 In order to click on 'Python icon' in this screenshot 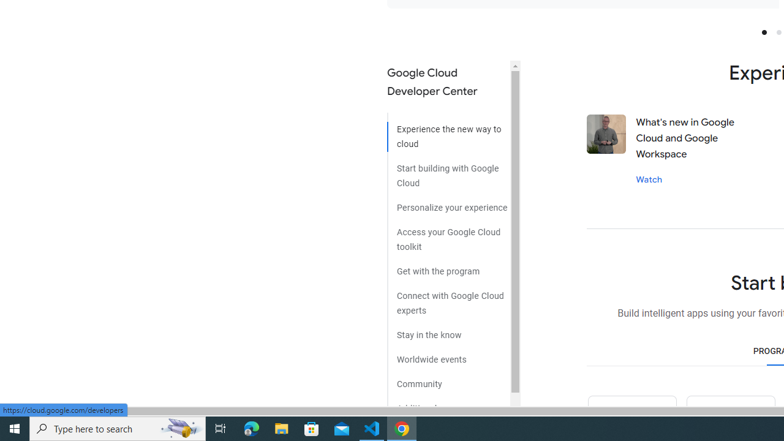, I will do `click(631, 417)`.